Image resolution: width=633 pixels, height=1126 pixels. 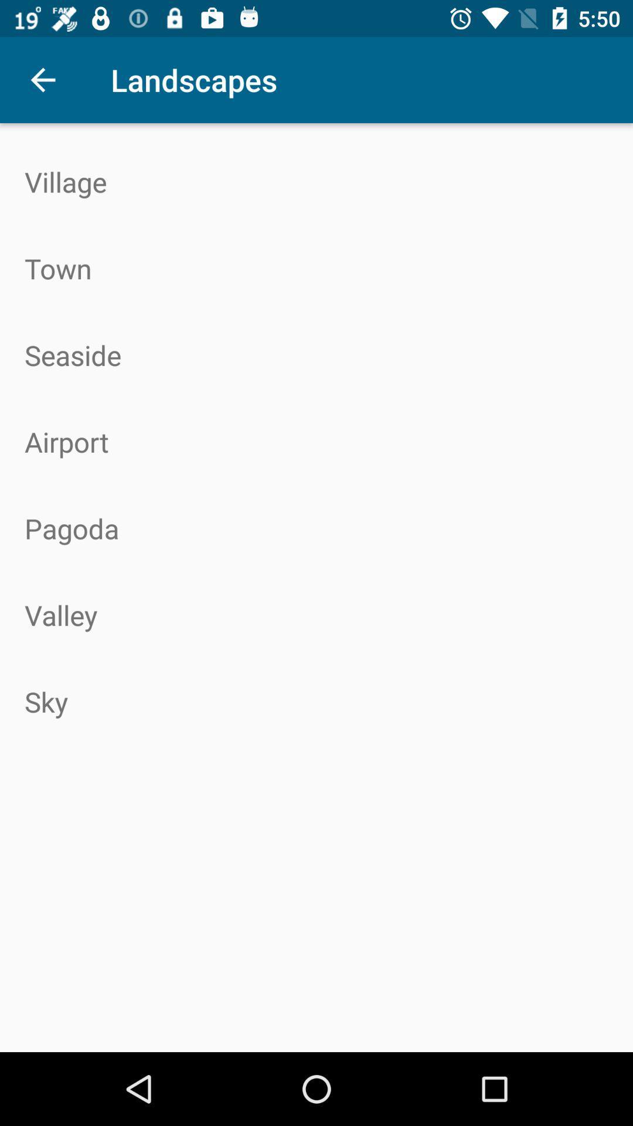 I want to click on town, so click(x=316, y=267).